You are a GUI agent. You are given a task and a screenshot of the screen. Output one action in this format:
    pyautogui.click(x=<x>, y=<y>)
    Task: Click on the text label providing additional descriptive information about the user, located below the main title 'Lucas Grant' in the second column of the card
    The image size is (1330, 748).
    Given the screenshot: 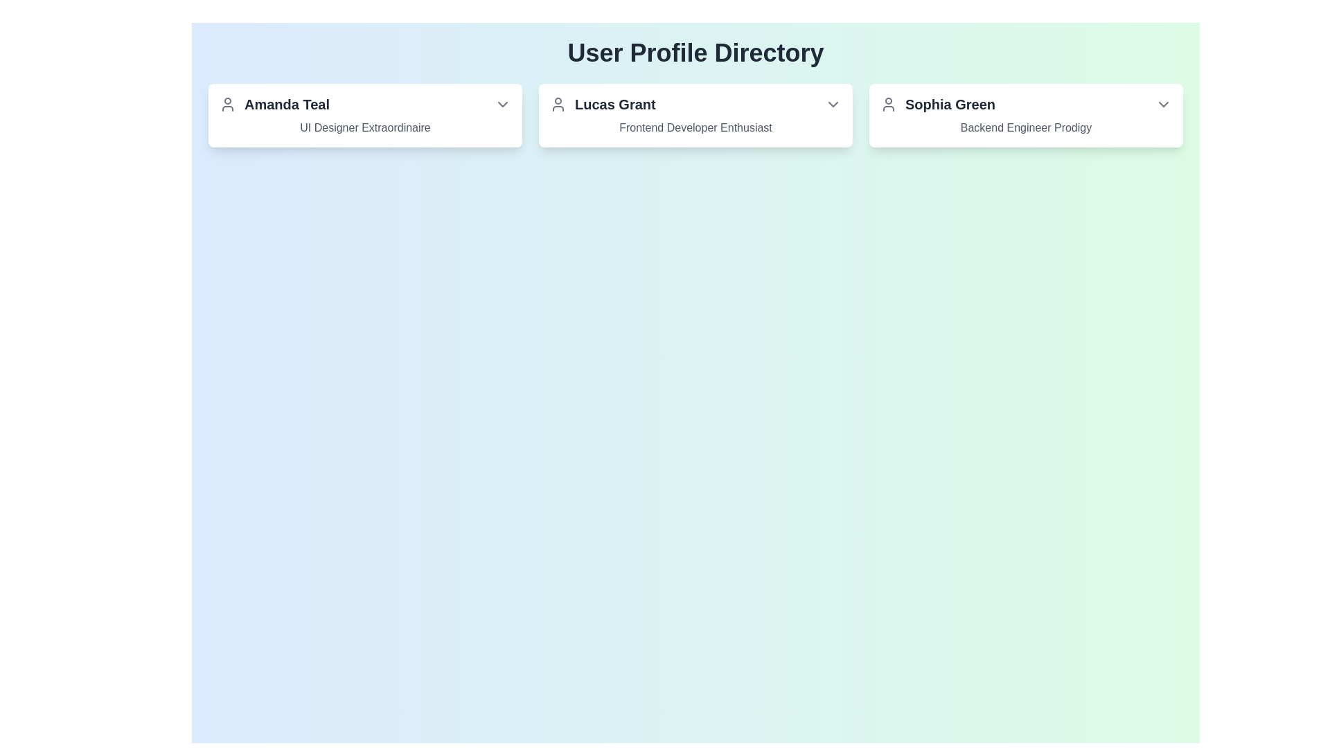 What is the action you would take?
    pyautogui.click(x=695, y=128)
    